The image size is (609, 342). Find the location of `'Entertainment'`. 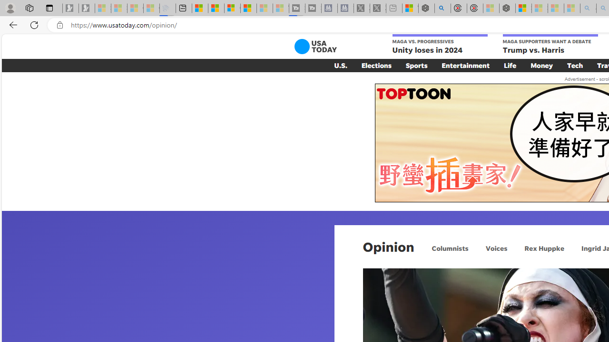

'Entertainment' is located at coordinates (465, 65).